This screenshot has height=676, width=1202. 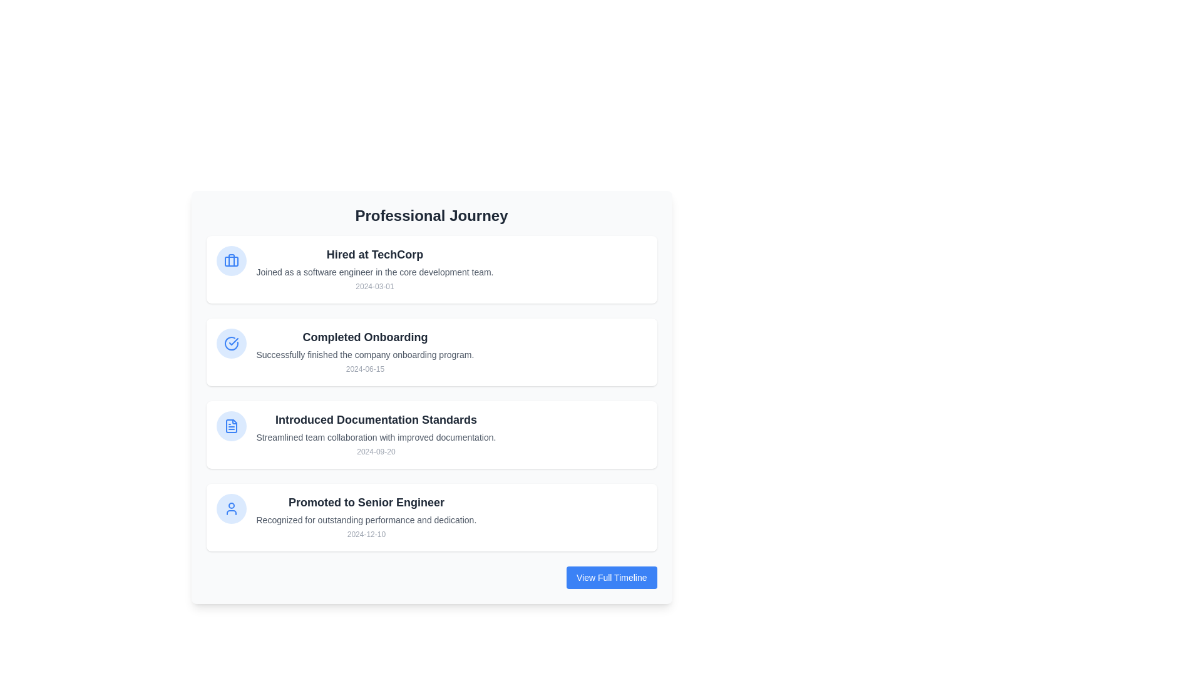 I want to click on the text label that reads 'Hired at TechCorp', which is styled as a prominent heading in a card-like component under the 'Professional Journey' section, so click(x=374, y=254).